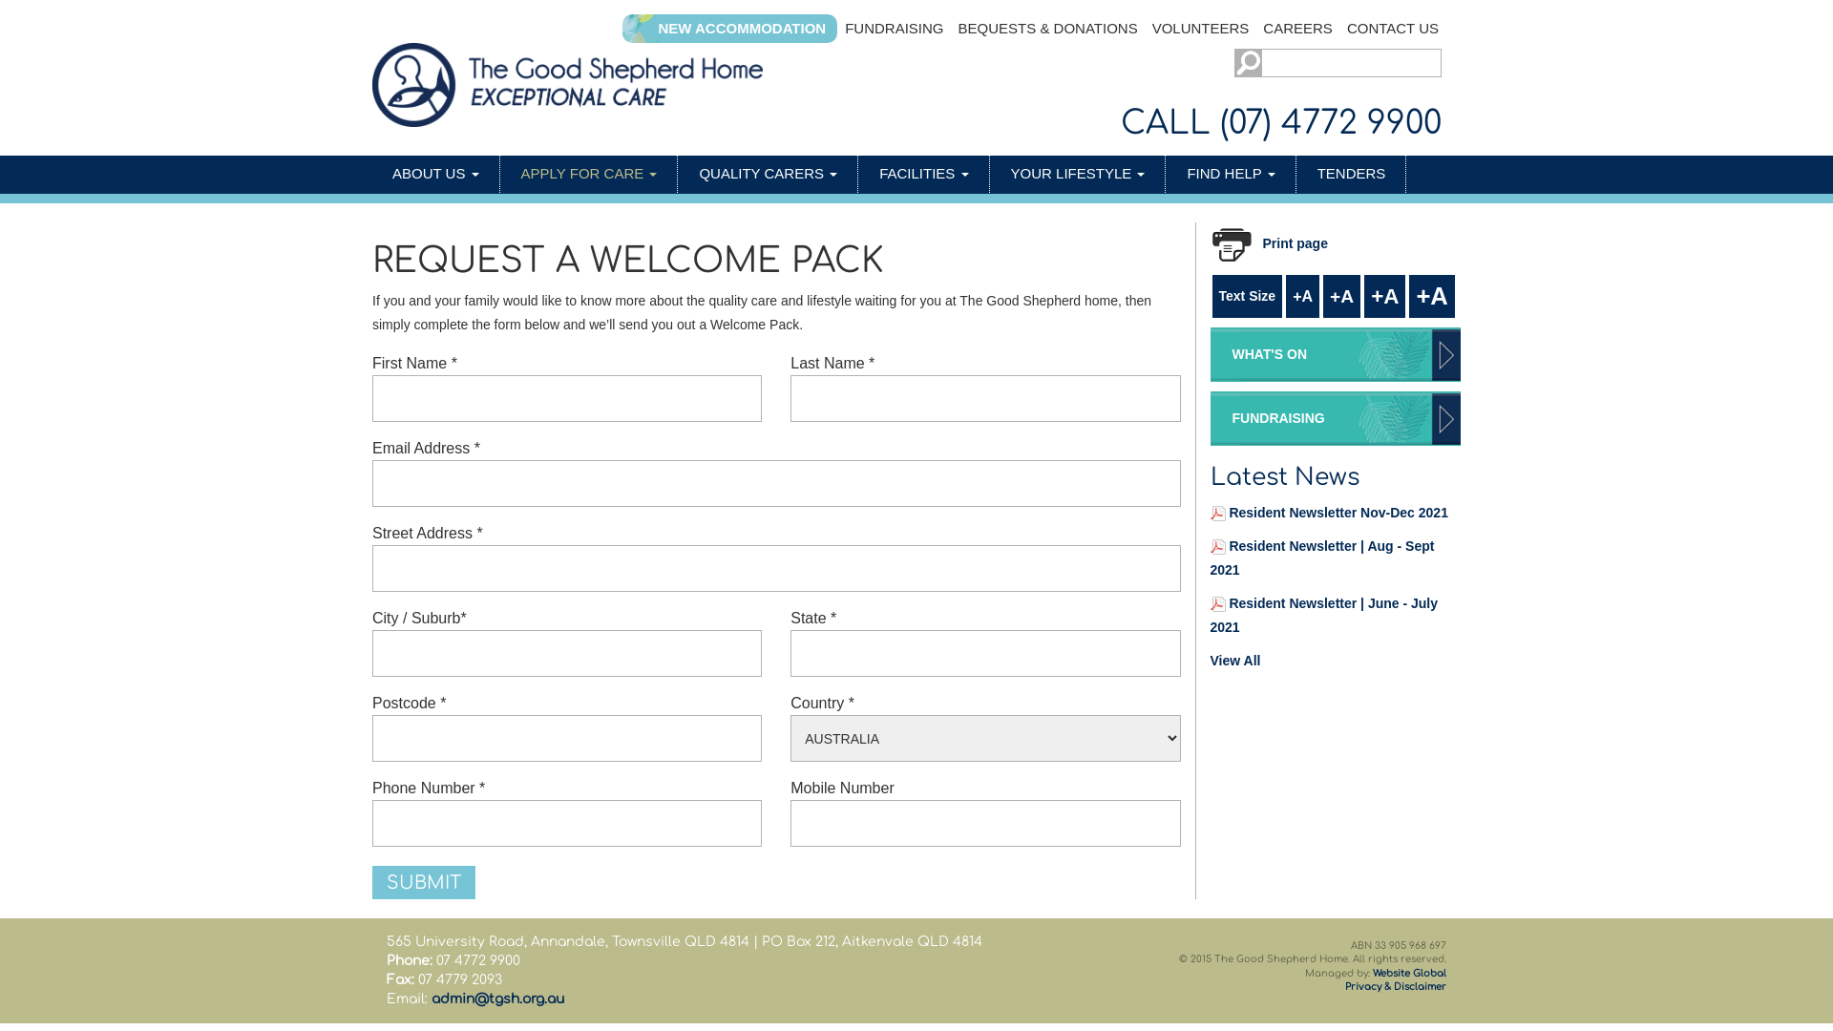  Describe the element at coordinates (423, 882) in the screenshot. I see `'Submit'` at that location.